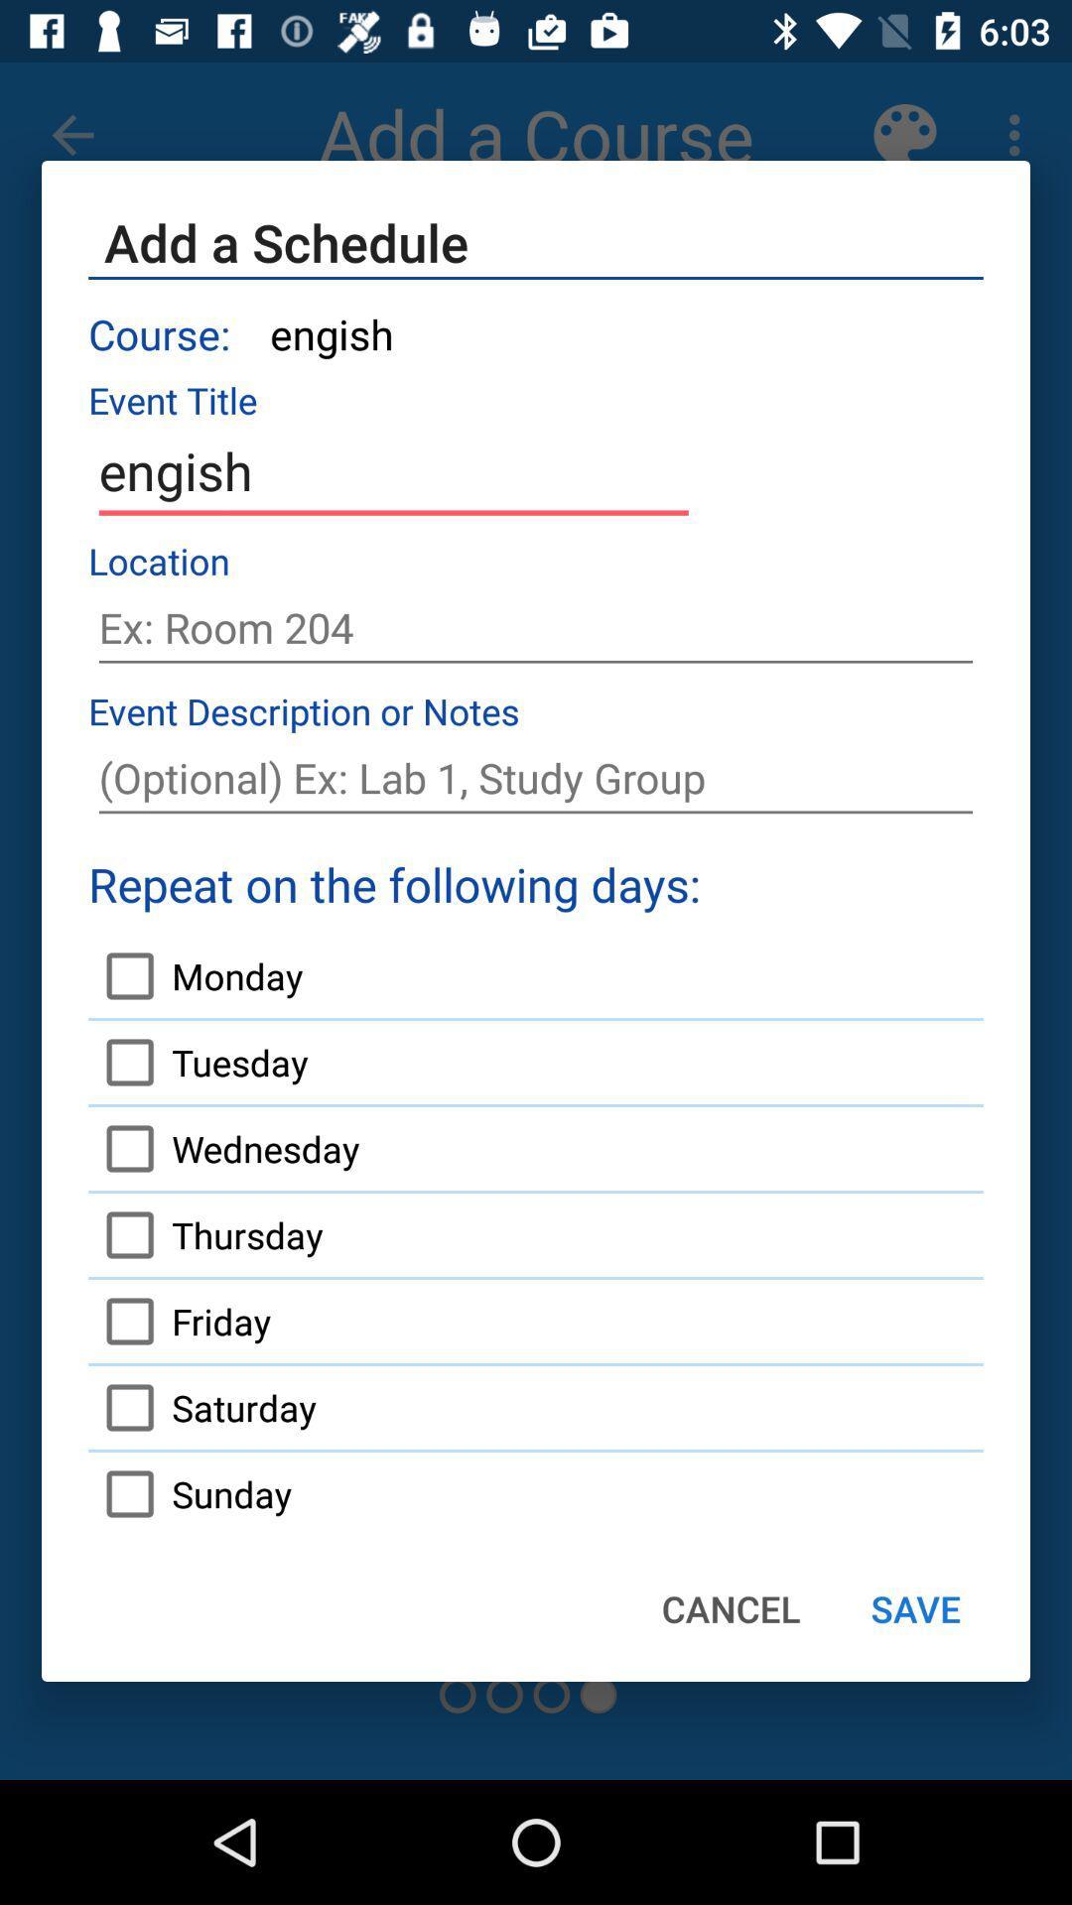 The image size is (1072, 1905). Describe the element at coordinates (205, 1233) in the screenshot. I see `thursday icon` at that location.